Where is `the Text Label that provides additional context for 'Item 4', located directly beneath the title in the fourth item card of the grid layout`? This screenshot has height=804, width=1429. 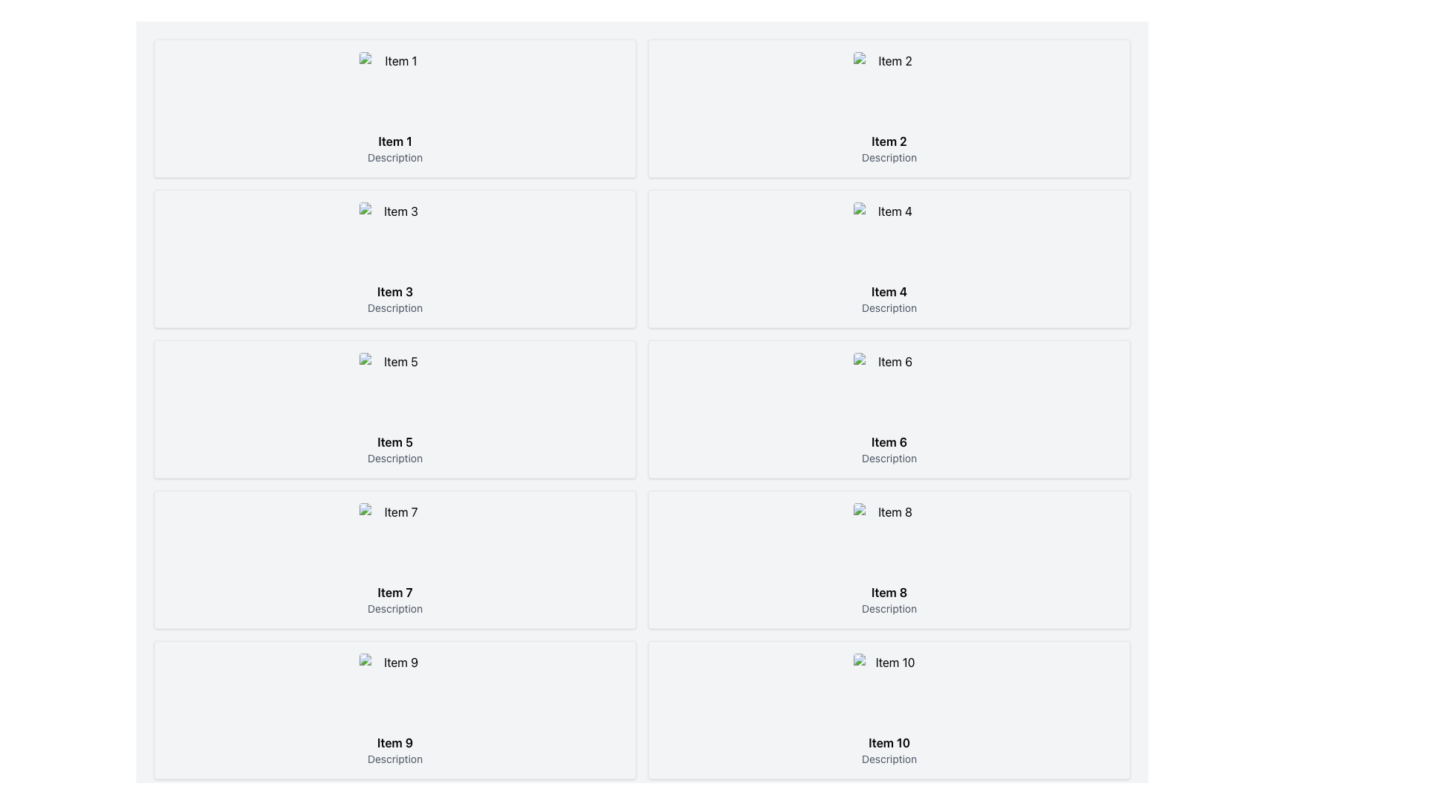
the Text Label that provides additional context for 'Item 4', located directly beneath the title in the fourth item card of the grid layout is located at coordinates (889, 307).